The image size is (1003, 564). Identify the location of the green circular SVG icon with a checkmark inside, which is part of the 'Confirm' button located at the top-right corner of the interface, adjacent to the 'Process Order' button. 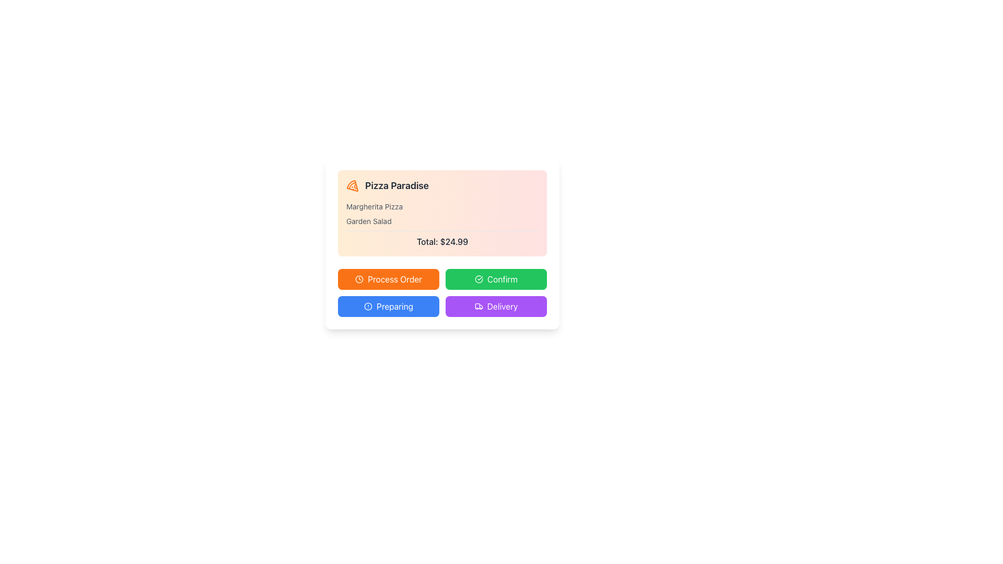
(478, 279).